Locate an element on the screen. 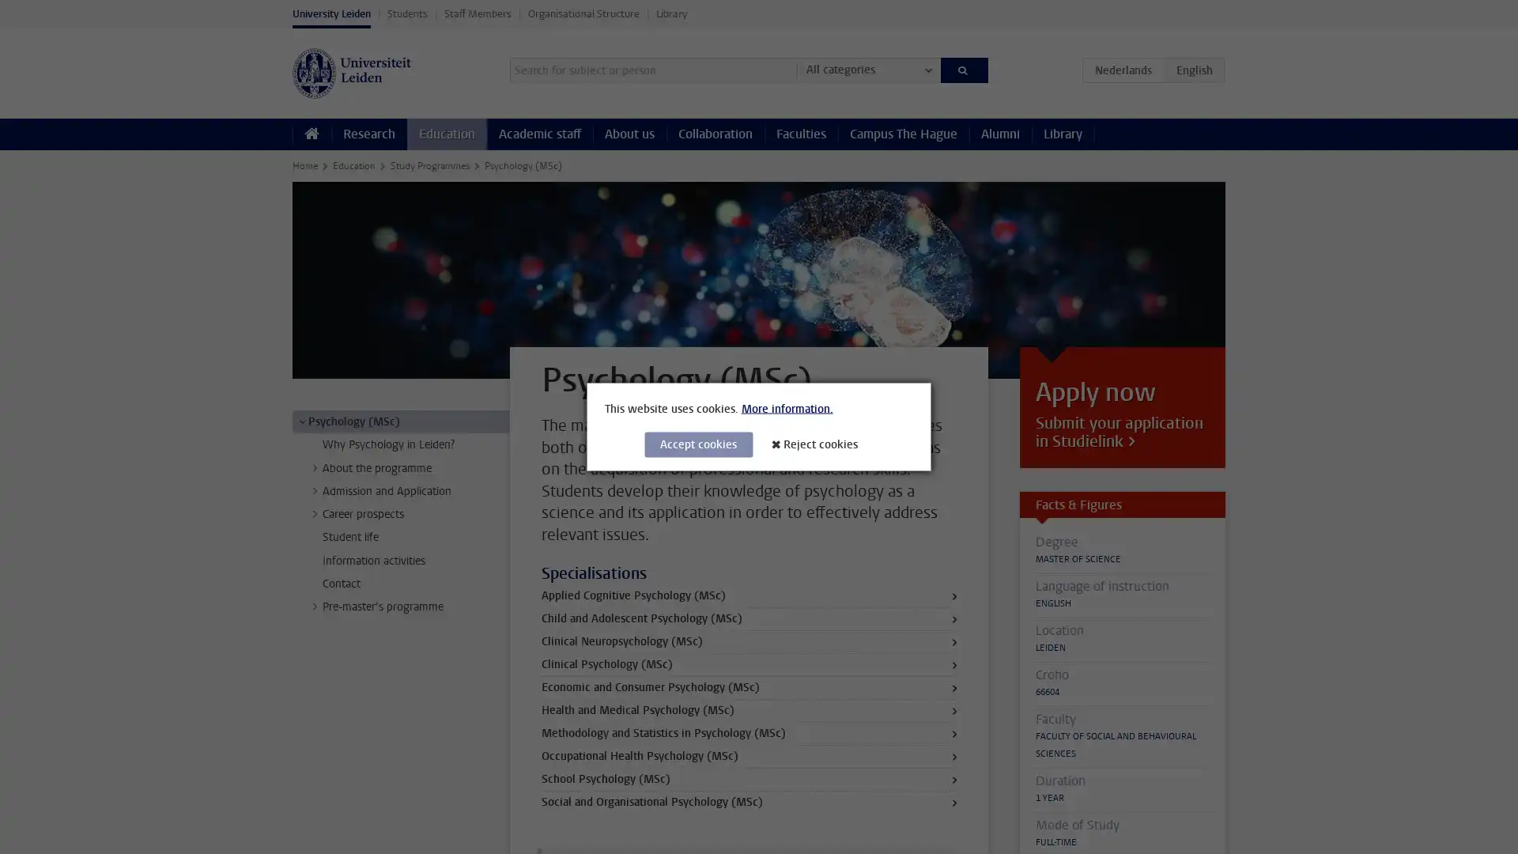 The width and height of the screenshot is (1518, 854). All categories is located at coordinates (867, 69).